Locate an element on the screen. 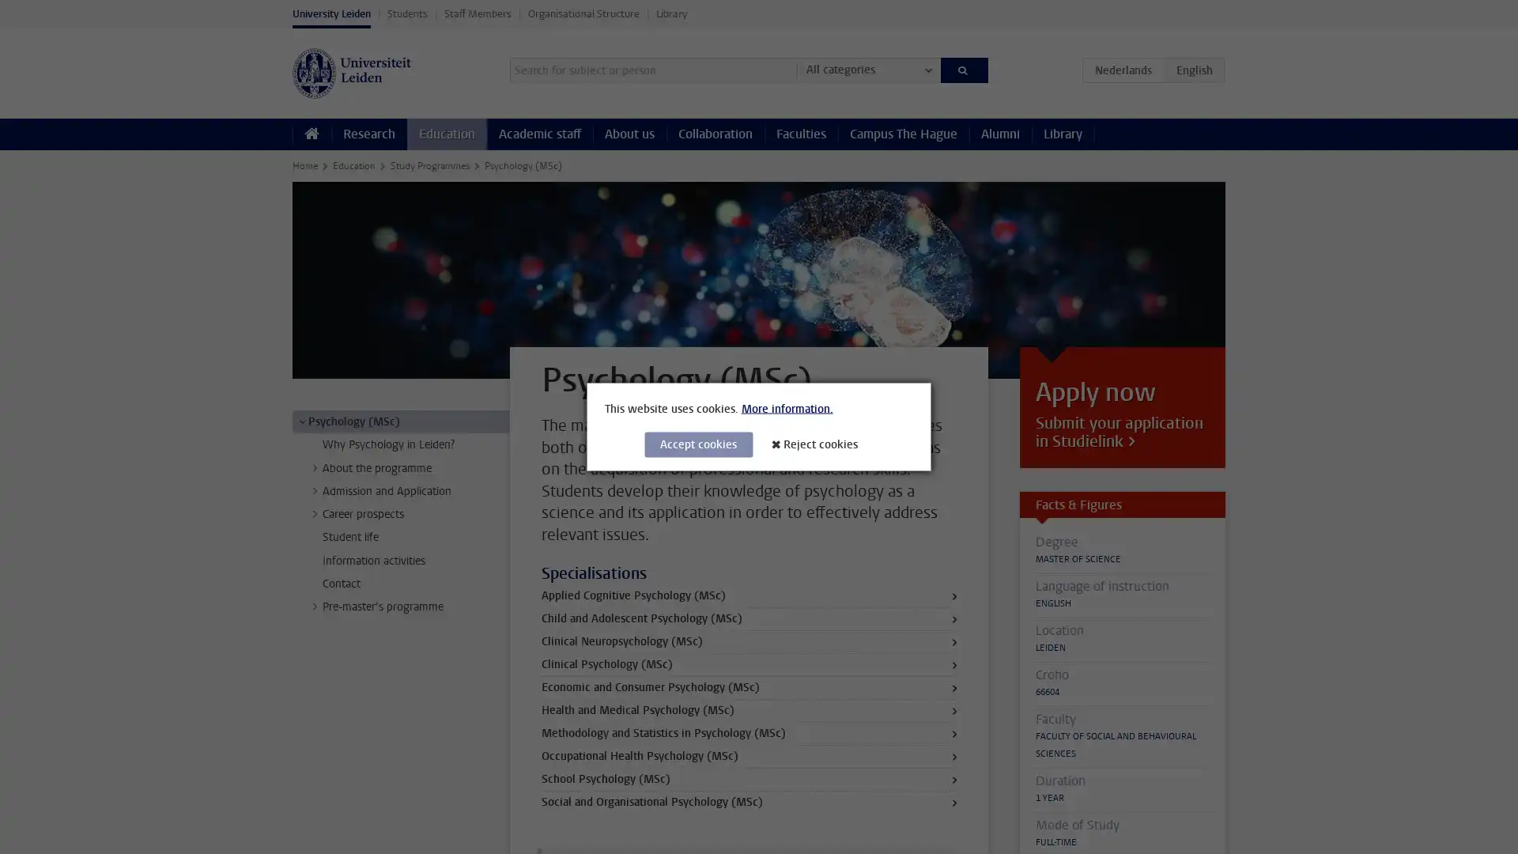 The width and height of the screenshot is (1518, 854). All categories is located at coordinates (867, 69).